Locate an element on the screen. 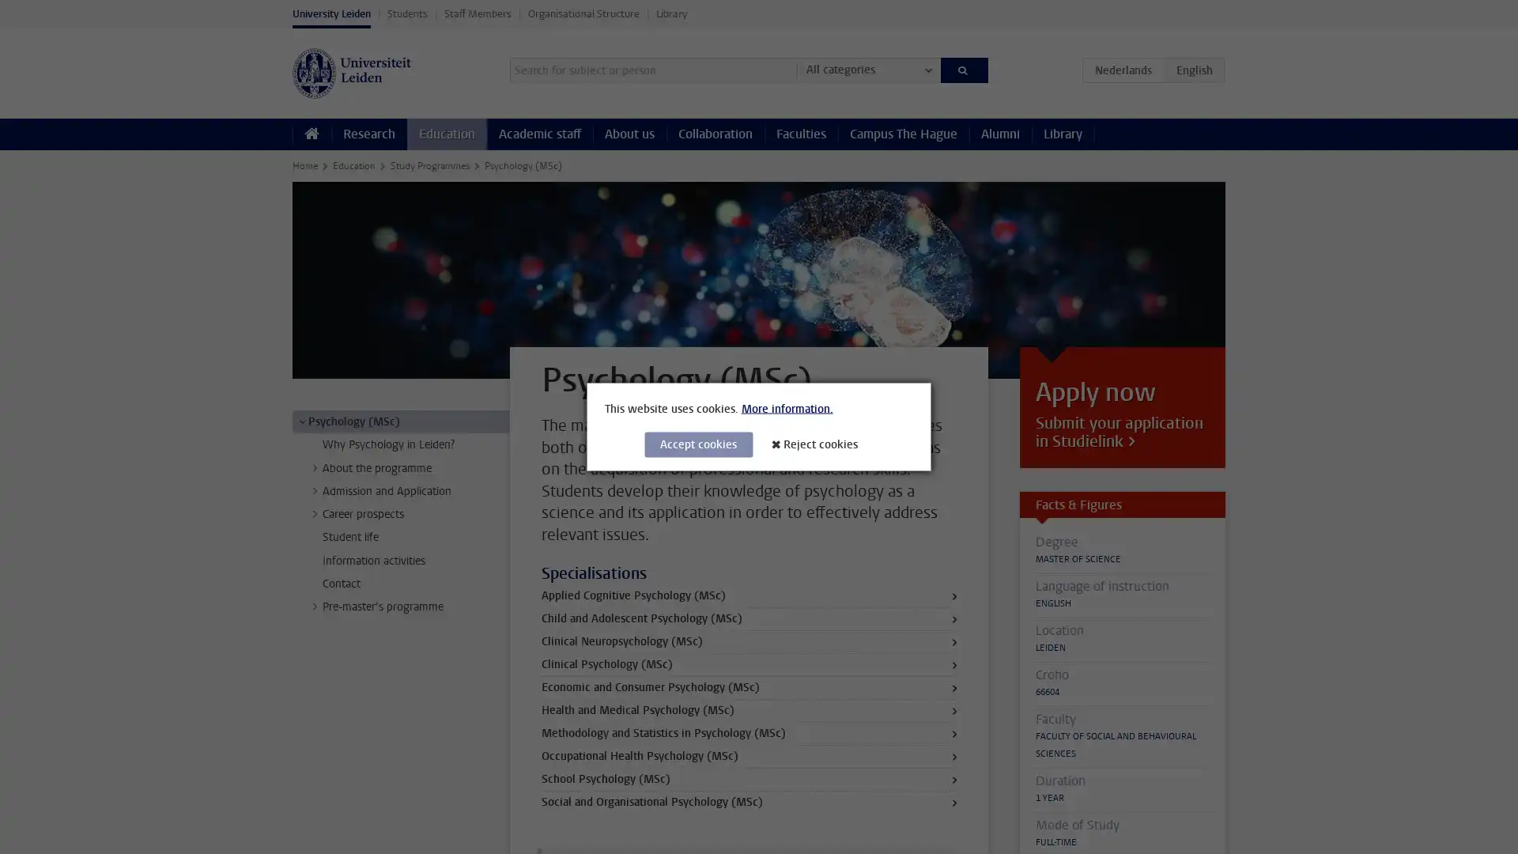 The width and height of the screenshot is (1518, 854). All categories is located at coordinates (867, 69).